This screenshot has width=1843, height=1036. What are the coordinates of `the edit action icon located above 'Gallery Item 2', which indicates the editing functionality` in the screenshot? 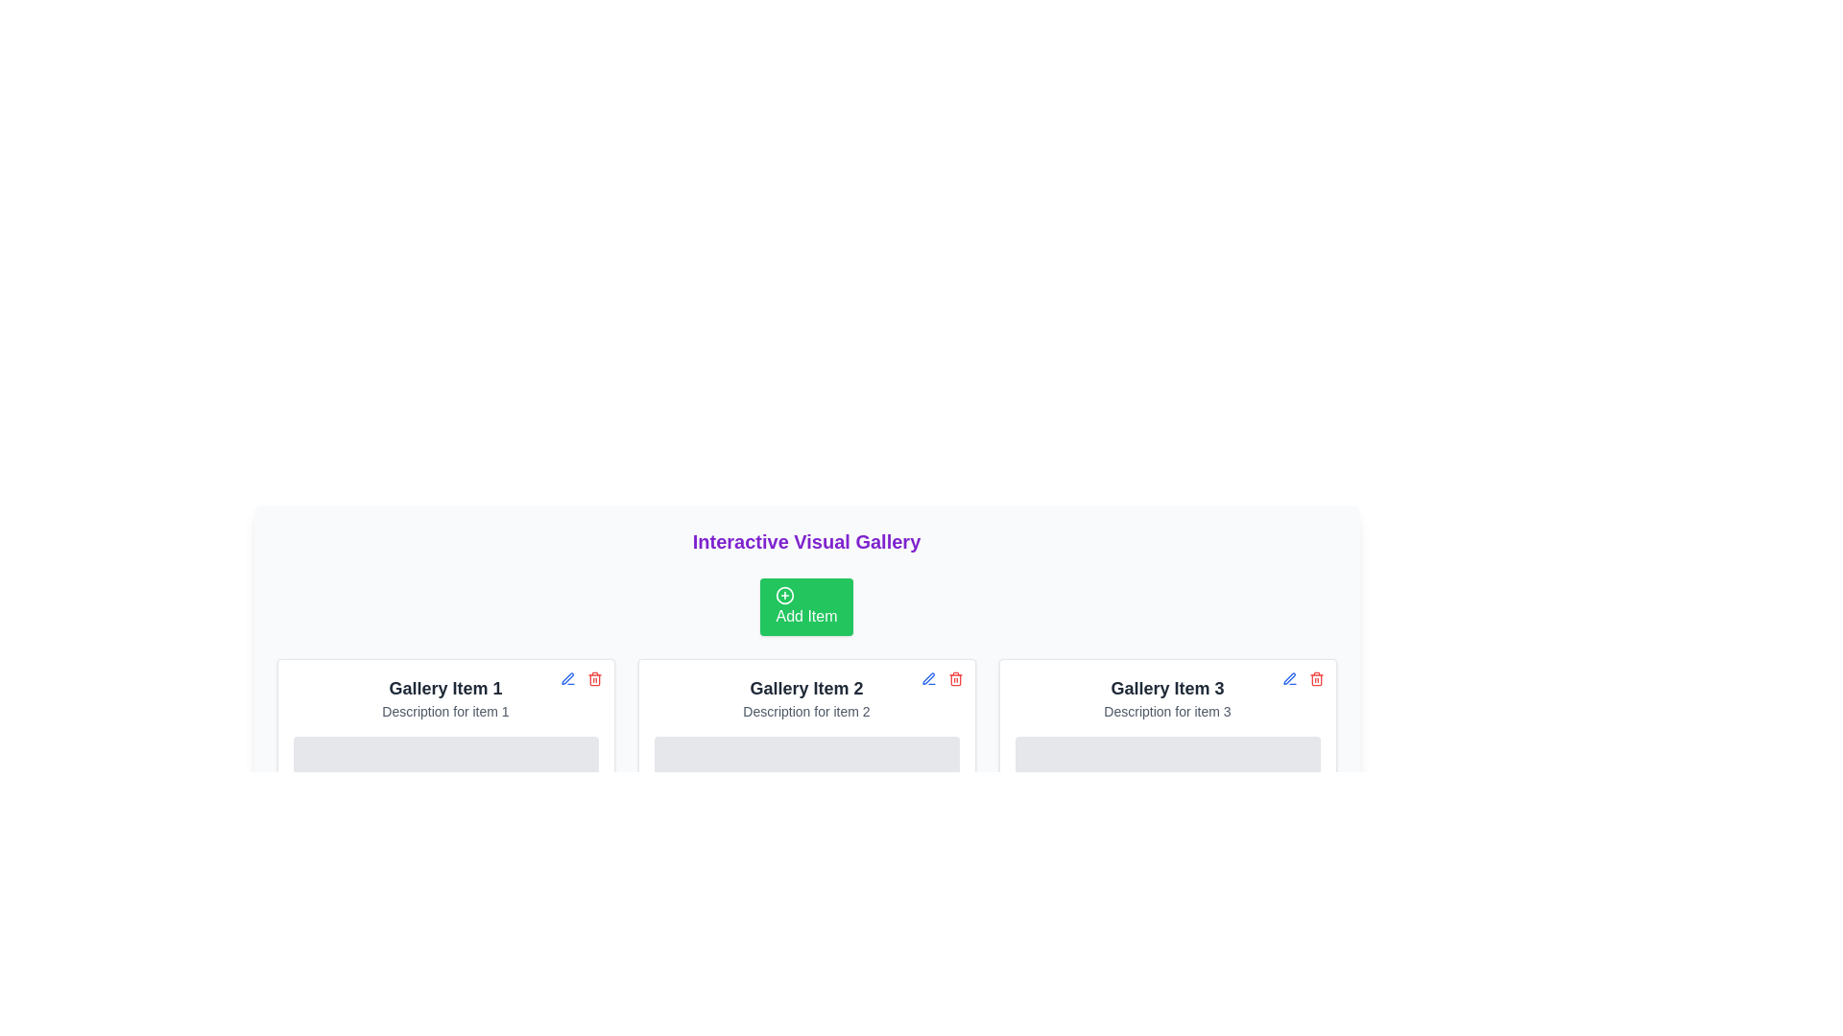 It's located at (928, 677).